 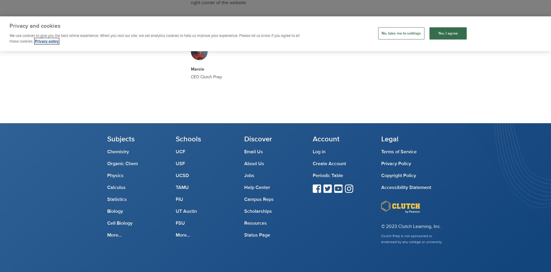 What do you see at coordinates (312, 164) in the screenshot?
I see `'Create Account'` at bounding box center [312, 164].